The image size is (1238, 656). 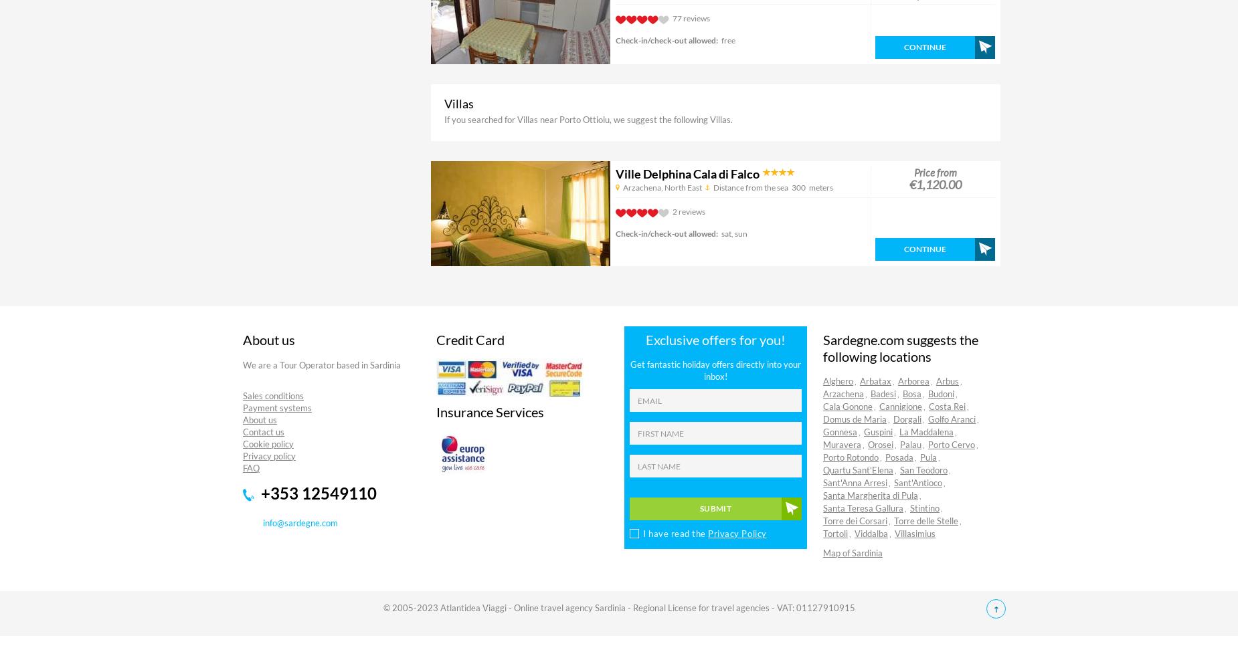 What do you see at coordinates (689, 17) in the screenshot?
I see `'77 reviews'` at bounding box center [689, 17].